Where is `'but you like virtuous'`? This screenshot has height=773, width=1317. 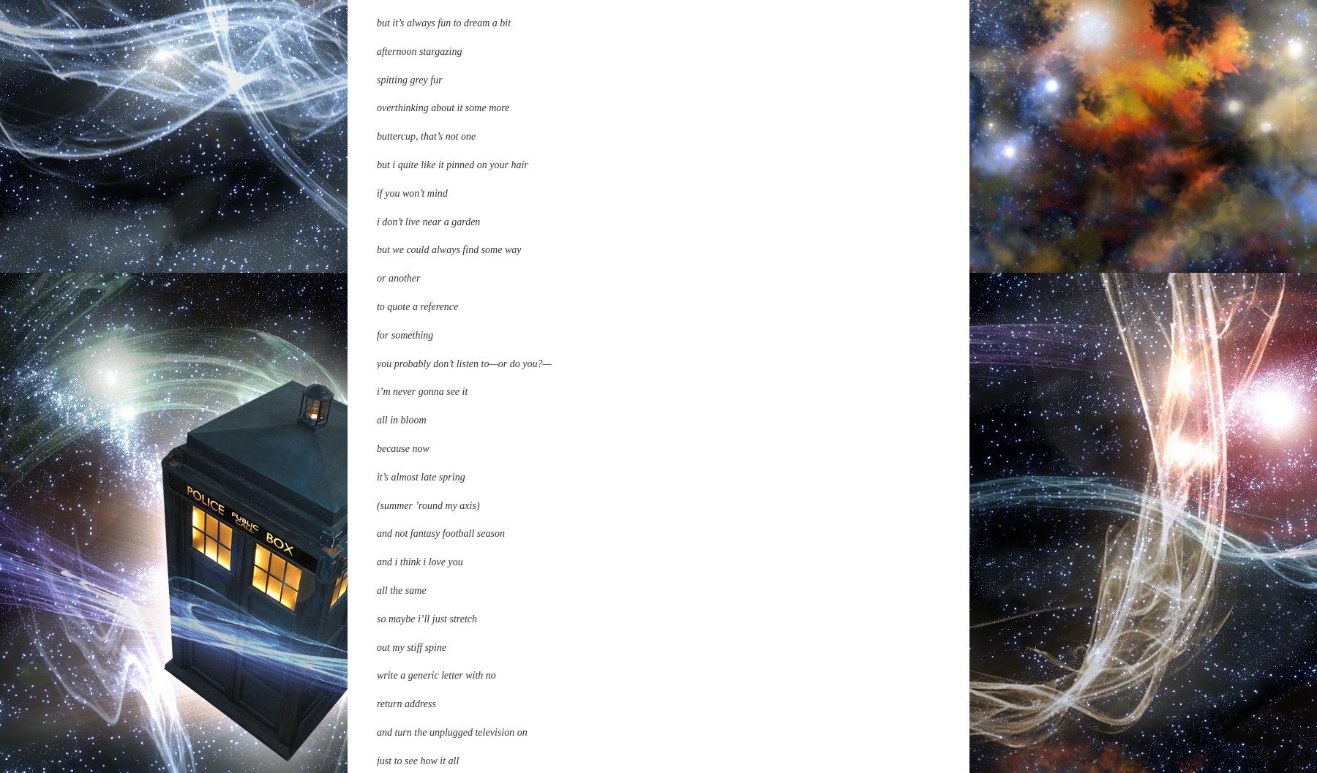
'but you like virtuous' is located at coordinates (418, 246).